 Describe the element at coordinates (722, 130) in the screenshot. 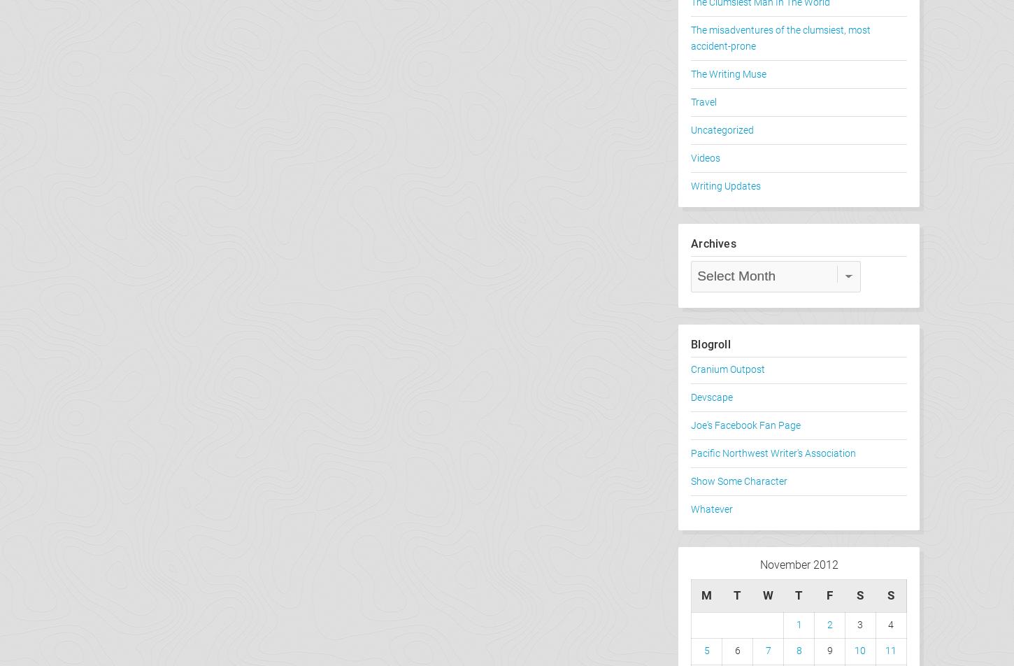

I see `'Uncategorized'` at that location.